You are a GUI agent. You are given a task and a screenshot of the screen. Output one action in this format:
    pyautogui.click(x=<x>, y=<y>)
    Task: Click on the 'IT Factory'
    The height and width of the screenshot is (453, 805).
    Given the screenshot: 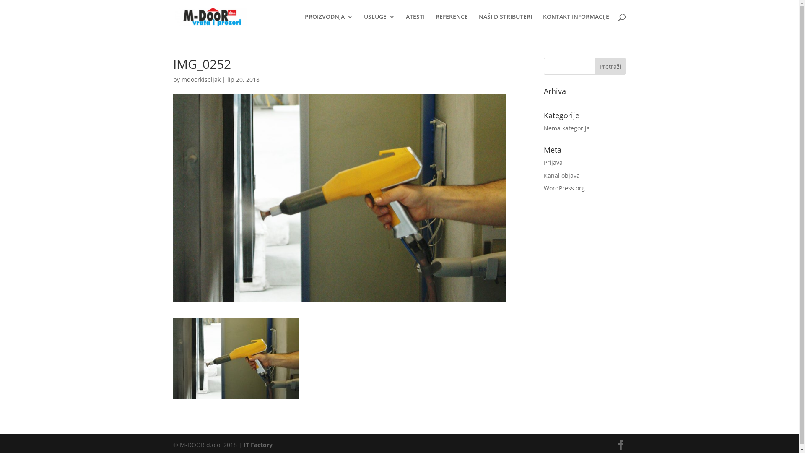 What is the action you would take?
    pyautogui.click(x=243, y=444)
    